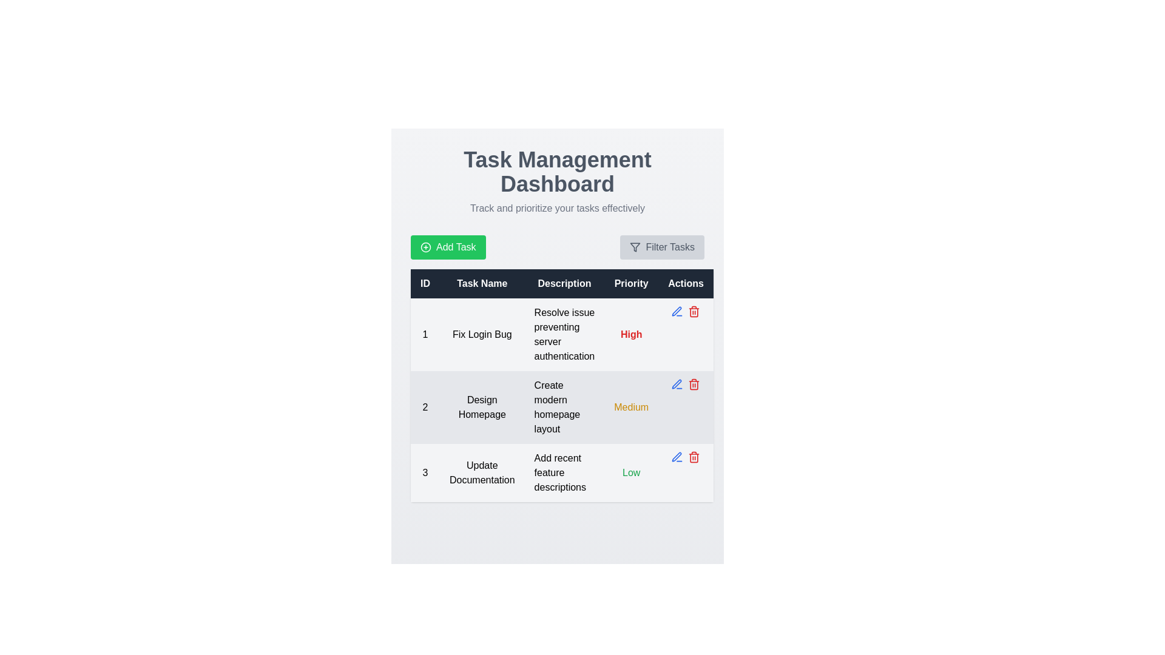 This screenshot has height=655, width=1165. What do you see at coordinates (561, 386) in the screenshot?
I see `text within the task details table located below the 'Task Management Dashboard' header` at bounding box center [561, 386].